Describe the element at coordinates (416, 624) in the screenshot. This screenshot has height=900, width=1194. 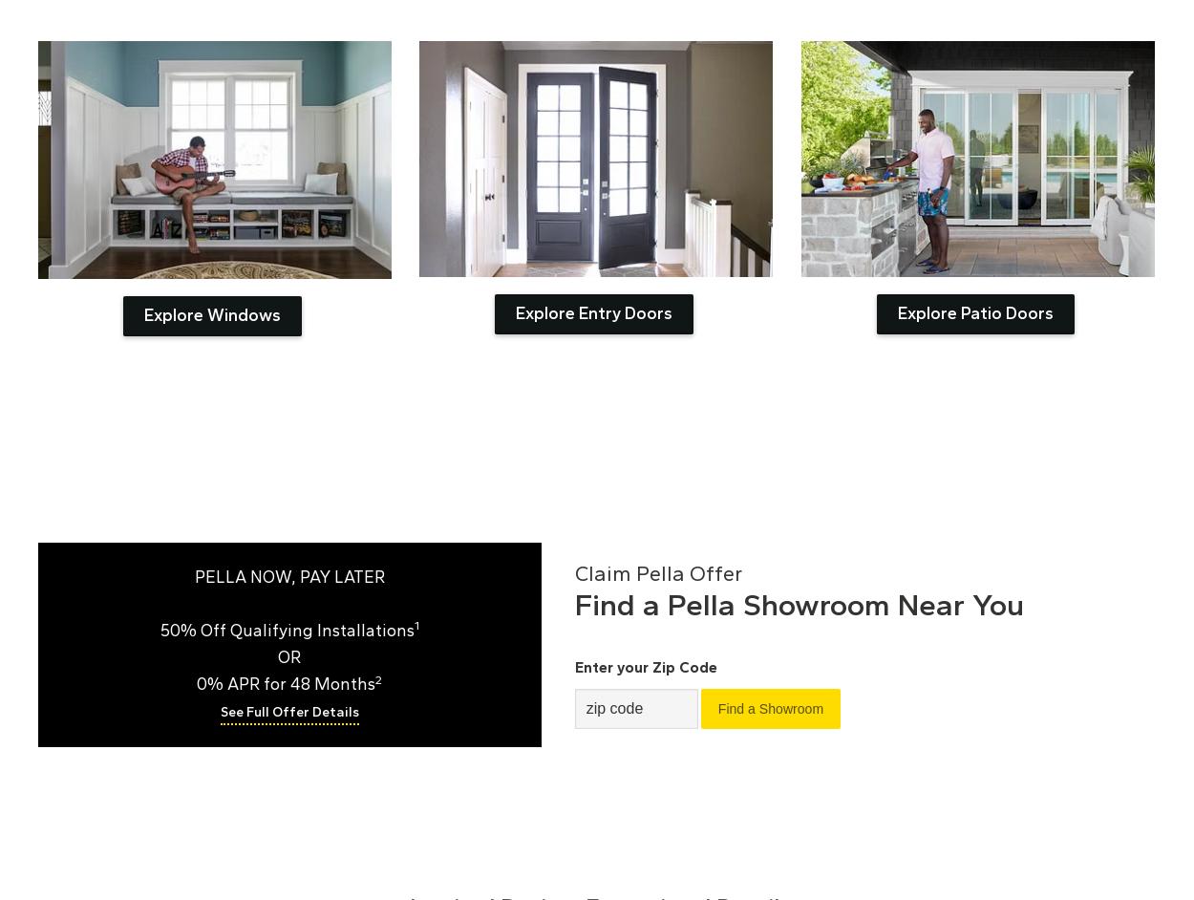
I see `'1'` at that location.